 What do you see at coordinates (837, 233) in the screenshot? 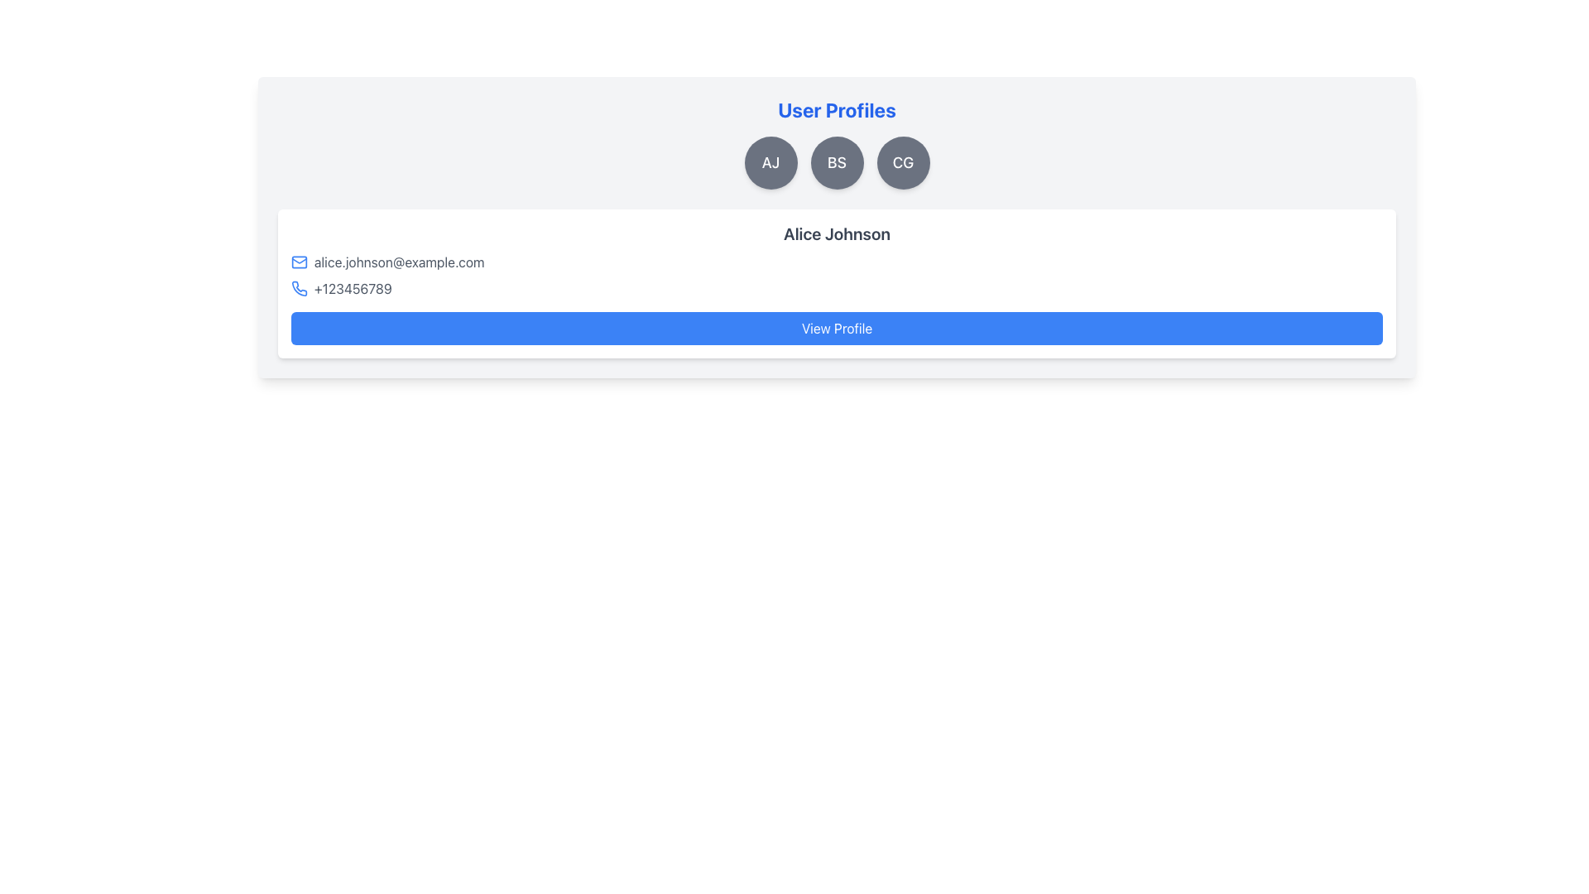
I see `the text label displaying the name 'Alice Johnson', which is positioned at the top of the profile card, above the email and phone details` at bounding box center [837, 233].